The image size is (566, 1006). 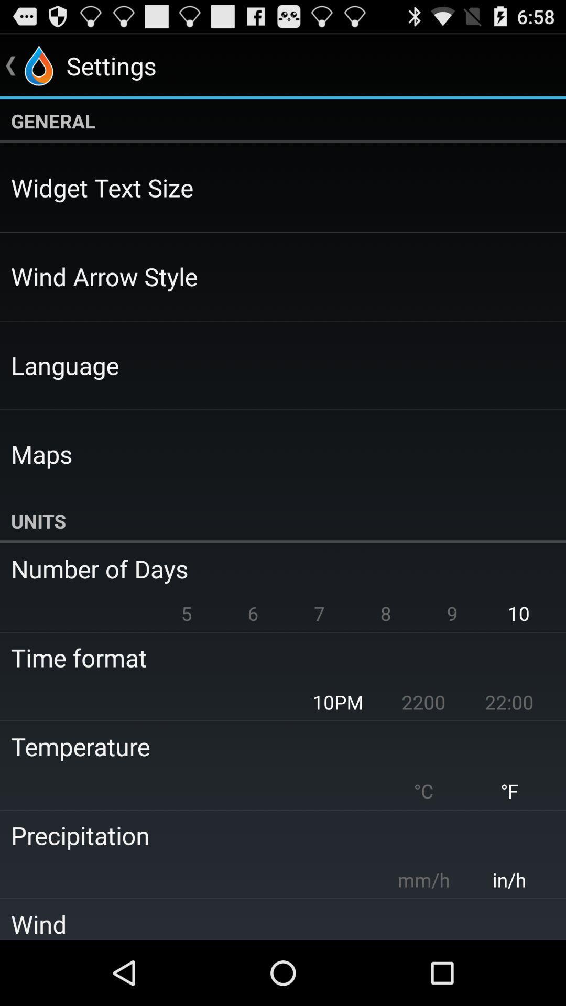 I want to click on the app to the left of the 22:00 app, so click(x=423, y=702).